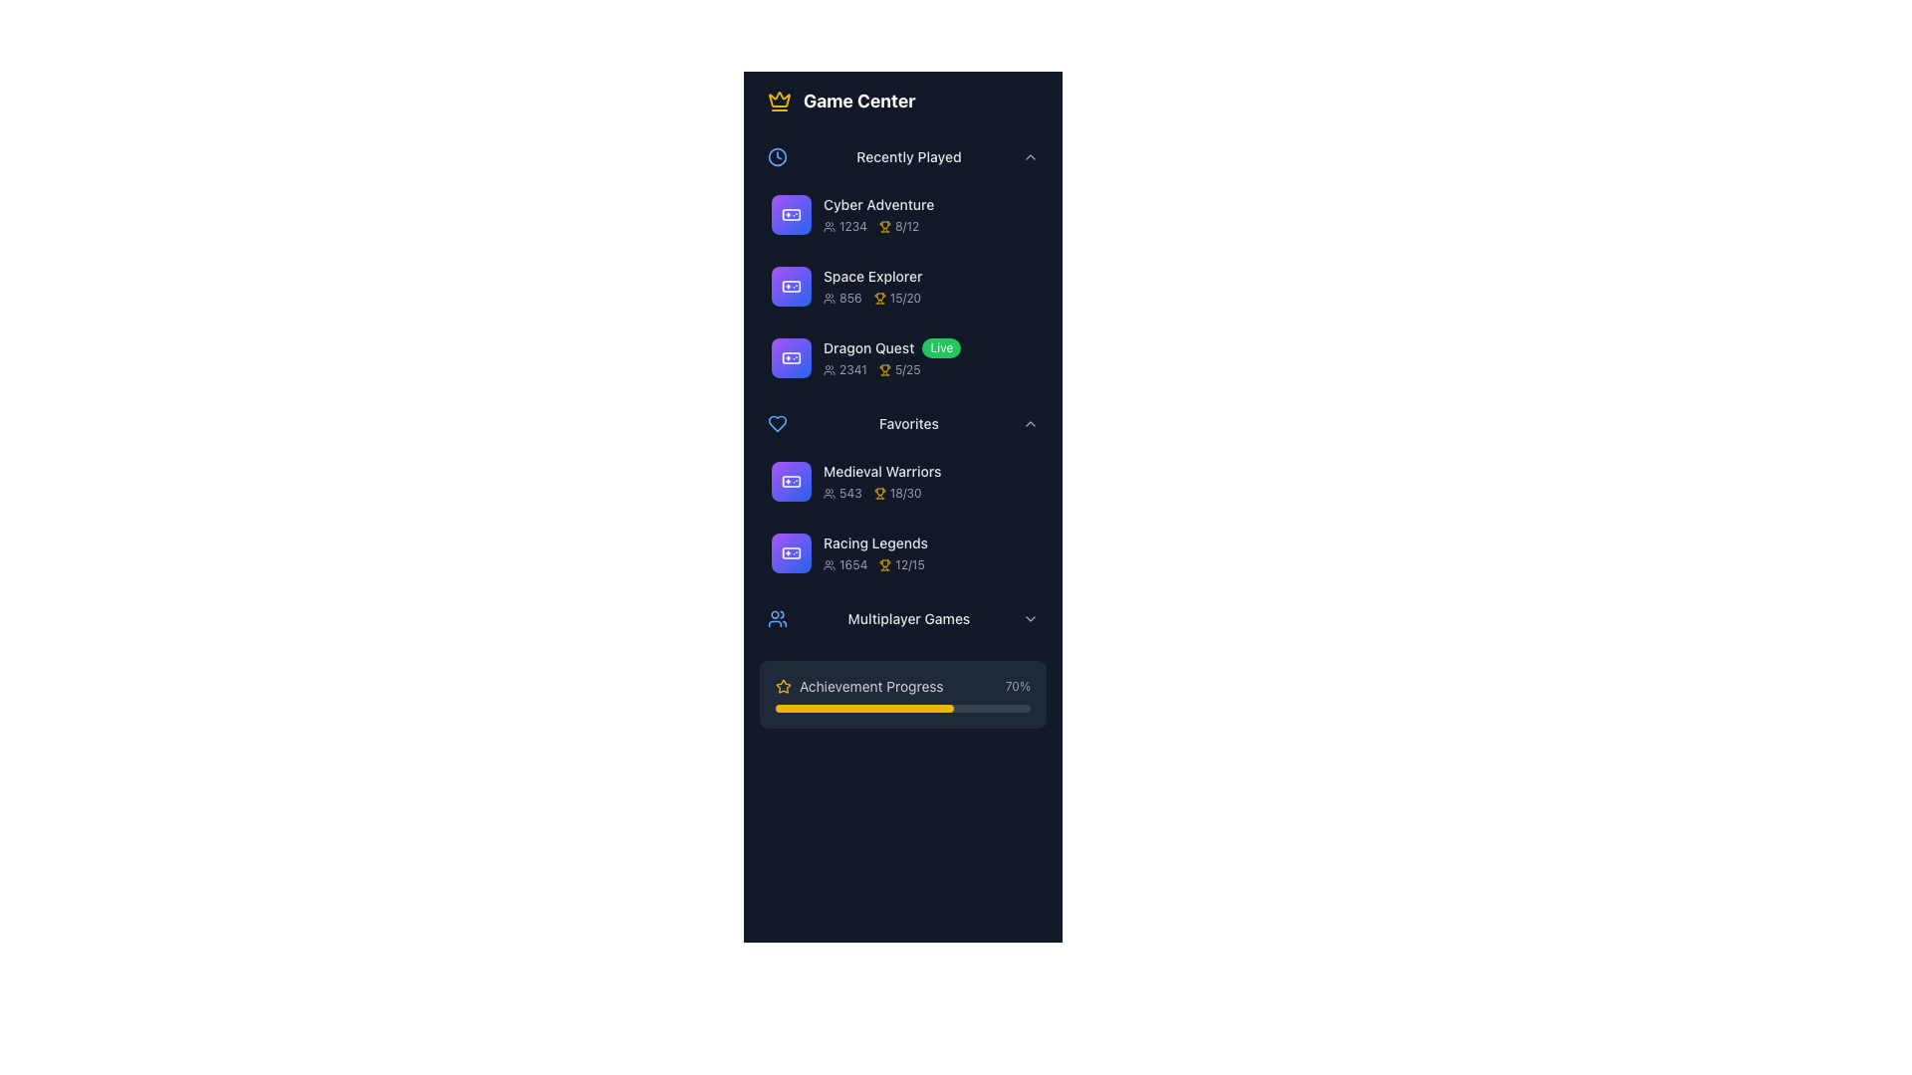  Describe the element at coordinates (927, 276) in the screenshot. I see `the 'Space Explorer' text label to view additional information about the game, located in the 'Recently Played' section of the 'Game Center' interface` at that location.